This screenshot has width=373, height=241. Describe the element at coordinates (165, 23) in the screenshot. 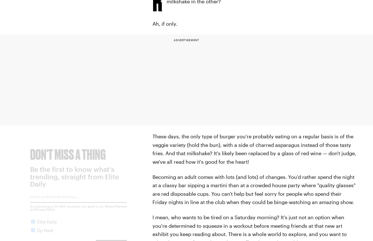

I see `'Ah, if only.'` at that location.